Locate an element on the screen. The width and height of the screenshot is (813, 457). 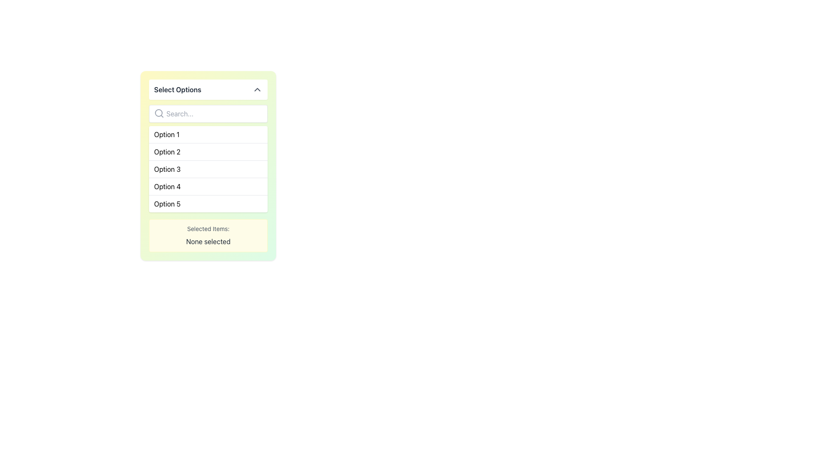
the selectable list item labeled 'Option 5' is located at coordinates (208, 204).